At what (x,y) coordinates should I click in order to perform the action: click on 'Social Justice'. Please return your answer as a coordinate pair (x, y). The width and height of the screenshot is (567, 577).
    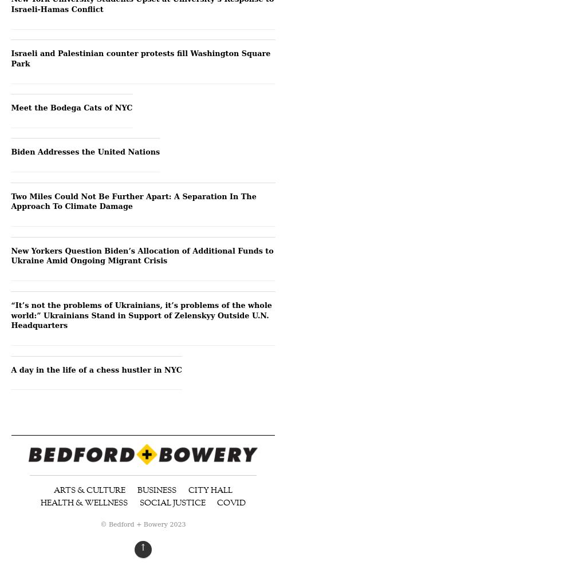
    Looking at the image, I should click on (171, 502).